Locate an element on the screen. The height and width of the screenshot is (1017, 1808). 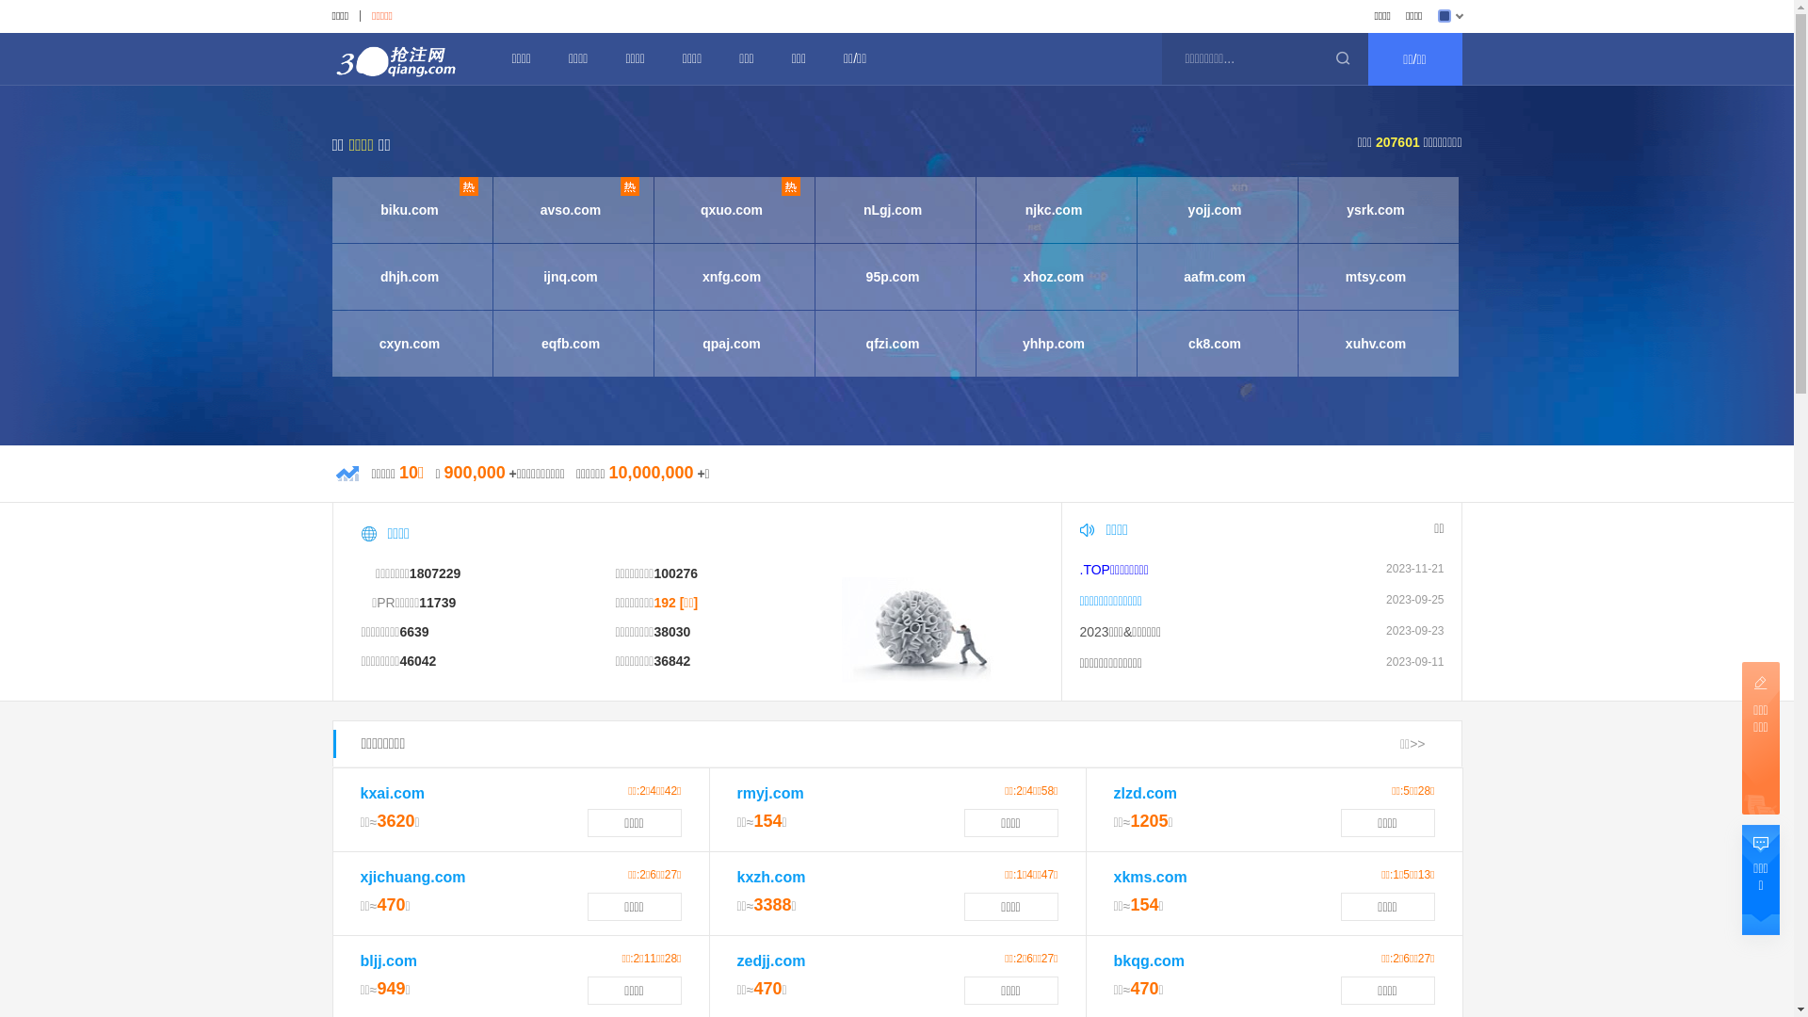
'ck8.com' is located at coordinates (1215, 344).